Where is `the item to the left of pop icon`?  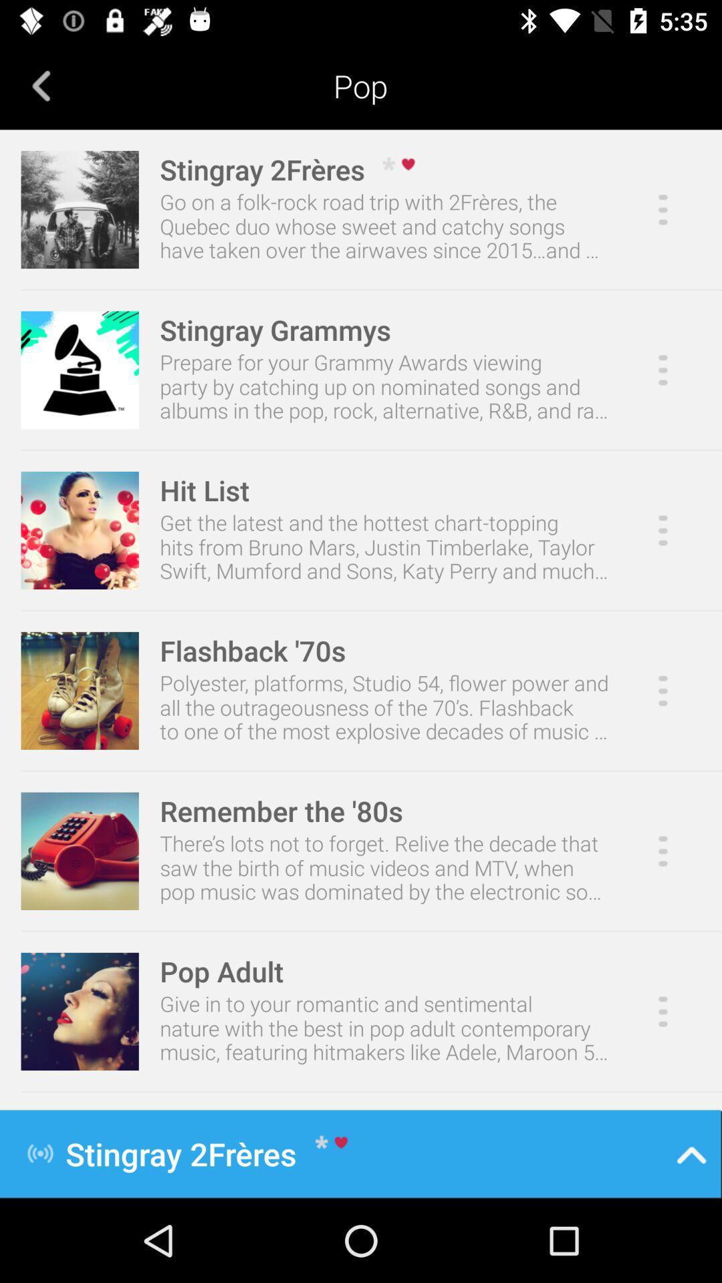
the item to the left of pop icon is located at coordinates (41, 85).